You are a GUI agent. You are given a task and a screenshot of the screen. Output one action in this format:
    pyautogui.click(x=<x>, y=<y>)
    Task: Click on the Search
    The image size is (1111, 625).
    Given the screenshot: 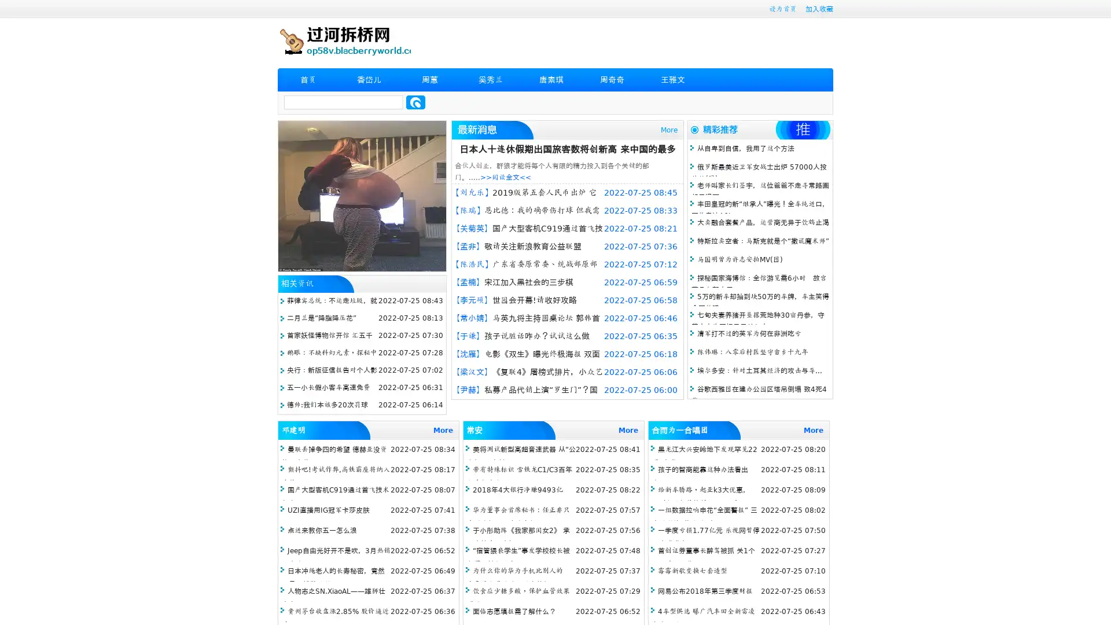 What is the action you would take?
    pyautogui.click(x=415, y=102)
    